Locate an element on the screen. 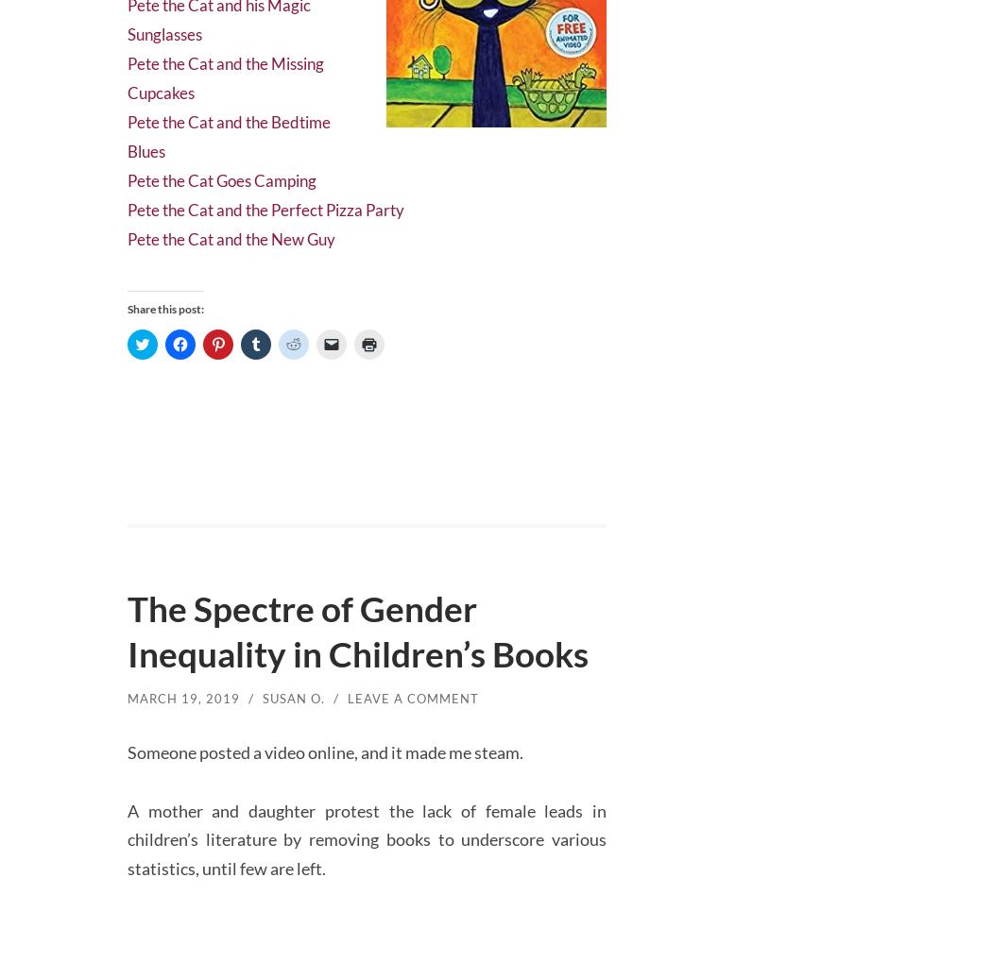 Image resolution: width=992 pixels, height=979 pixels. 'Pete the Cat and the Missing Cupcakes' is located at coordinates (232, 62).